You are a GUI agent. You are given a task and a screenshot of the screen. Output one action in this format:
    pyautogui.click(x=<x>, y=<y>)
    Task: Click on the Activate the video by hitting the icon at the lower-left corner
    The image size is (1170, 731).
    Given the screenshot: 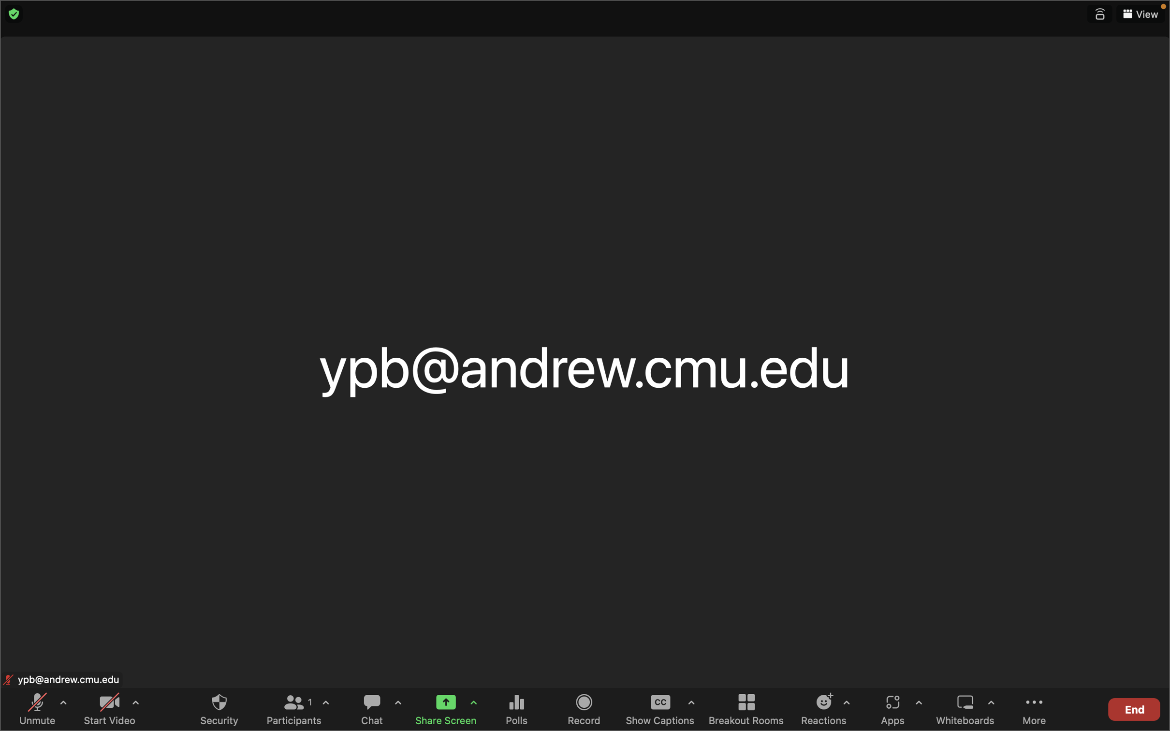 What is the action you would take?
    pyautogui.click(x=108, y=709)
    